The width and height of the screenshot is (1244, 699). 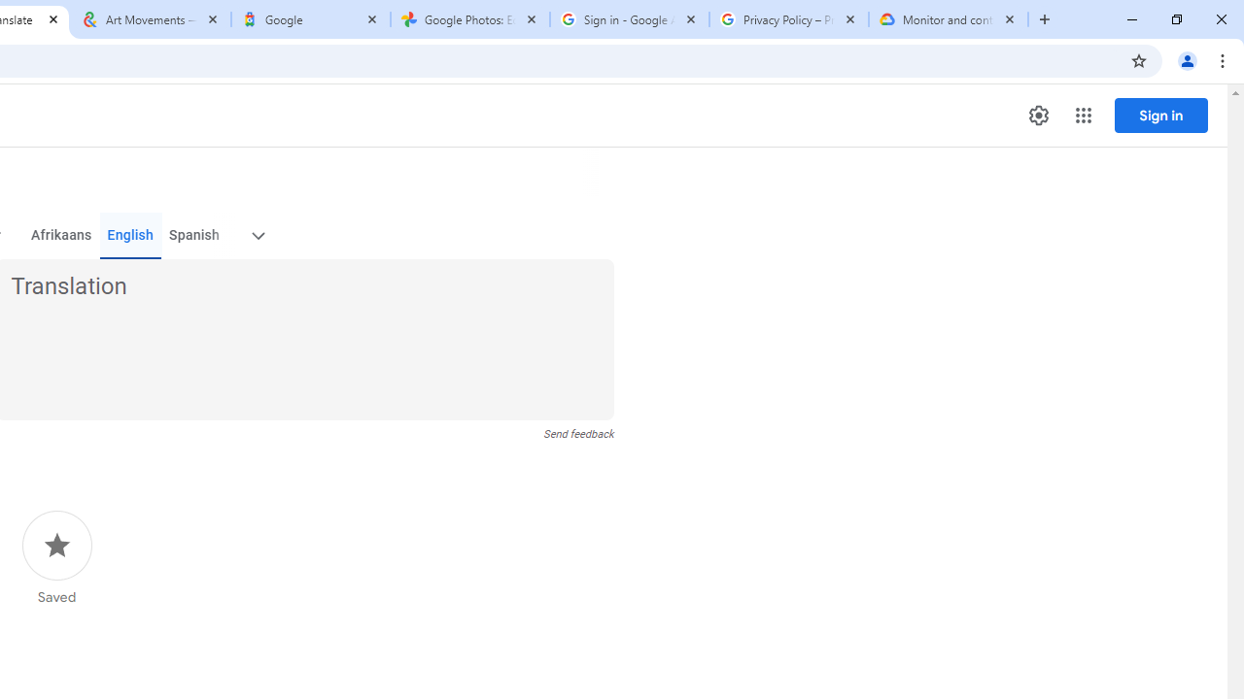 What do you see at coordinates (193, 235) in the screenshot?
I see `'Spanish'` at bounding box center [193, 235].